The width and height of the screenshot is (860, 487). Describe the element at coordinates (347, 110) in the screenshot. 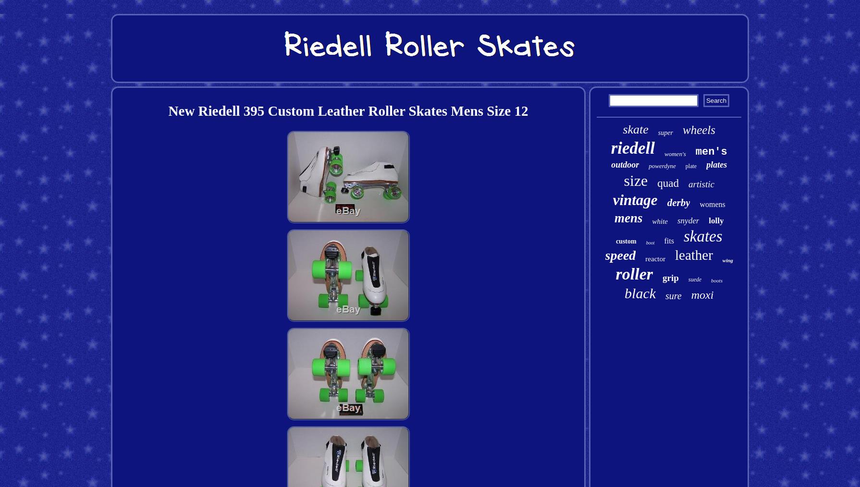

I see `'New Riedell 395 Custom Leather Roller Skates Mens Size 12'` at that location.